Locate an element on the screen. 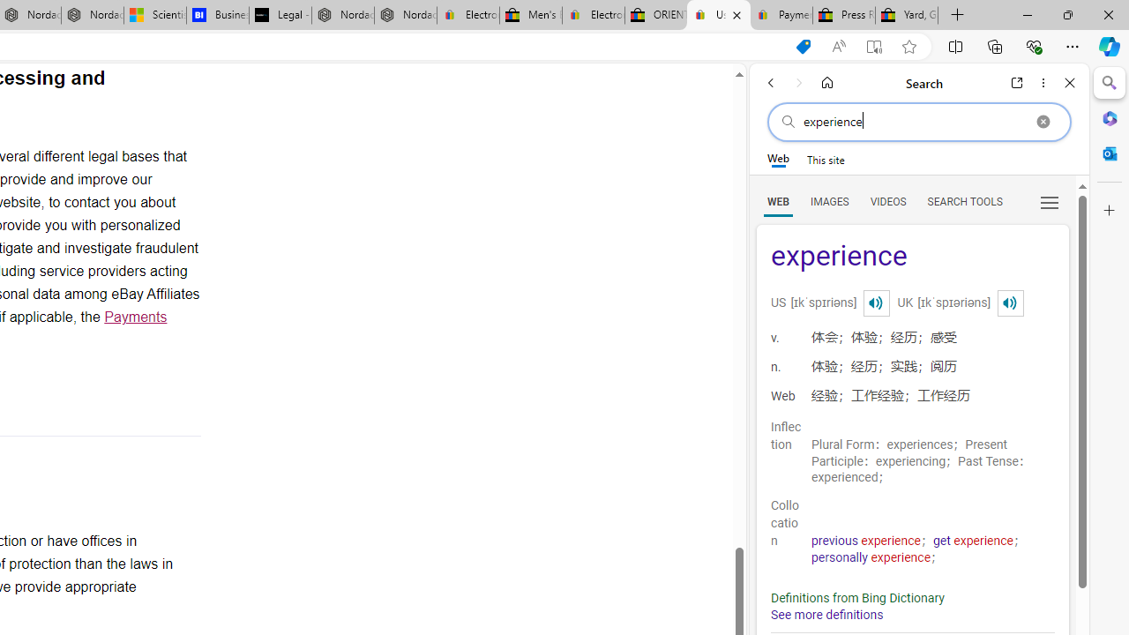 The height and width of the screenshot is (635, 1129). 'get experience' is located at coordinates (973, 540).